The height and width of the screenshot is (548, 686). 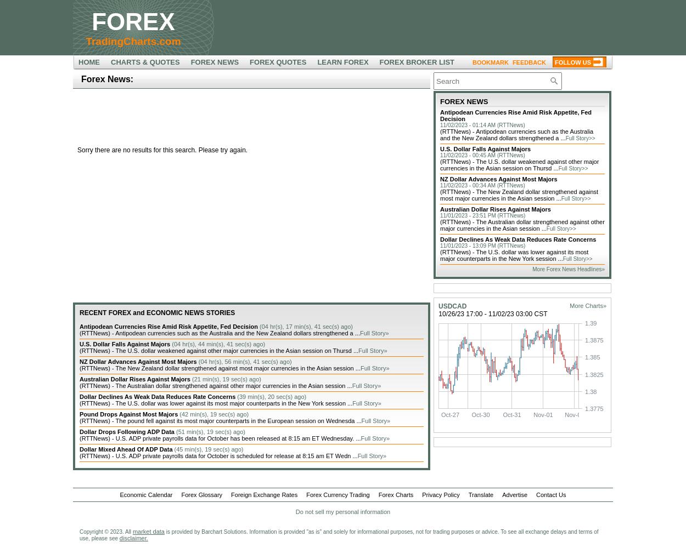 I want to click on '(51 min(s), 19 sec(s) ago)', so click(x=210, y=432).